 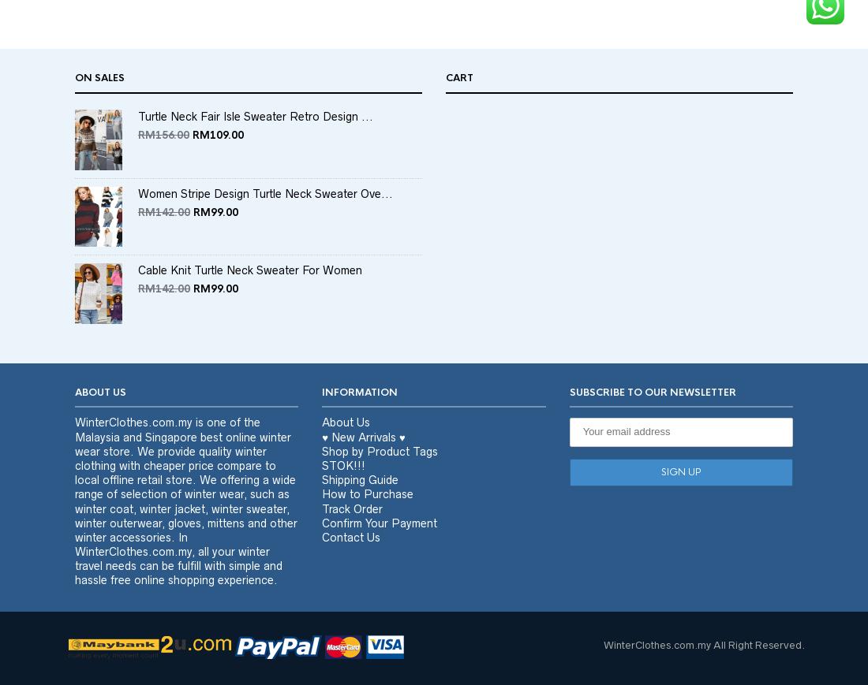 What do you see at coordinates (321, 553) in the screenshot?
I see `'Confirm Your Payment'` at bounding box center [321, 553].